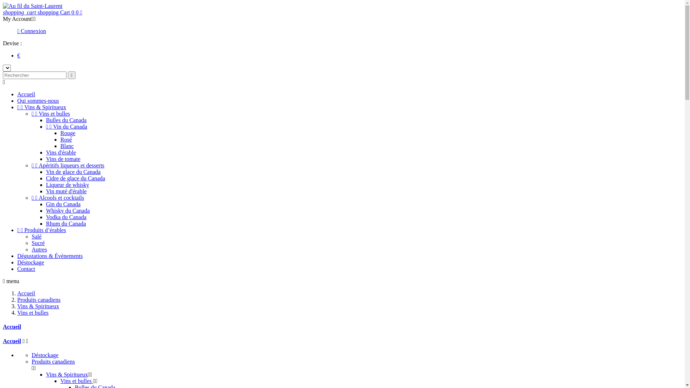 Image resolution: width=690 pixels, height=388 pixels. What do you see at coordinates (63, 158) in the screenshot?
I see `'Vins de tomate'` at bounding box center [63, 158].